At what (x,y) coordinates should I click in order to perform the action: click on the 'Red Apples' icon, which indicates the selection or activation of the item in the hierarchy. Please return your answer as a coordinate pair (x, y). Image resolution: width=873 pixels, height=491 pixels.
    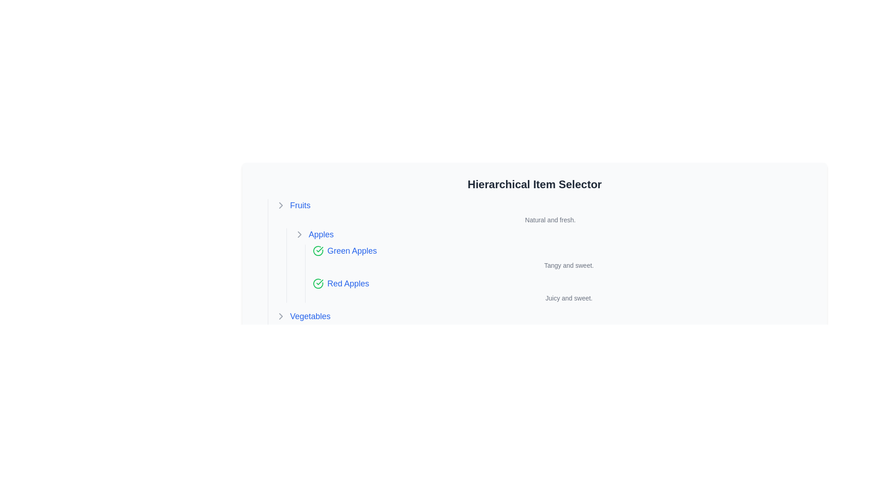
    Looking at the image, I should click on (318, 283).